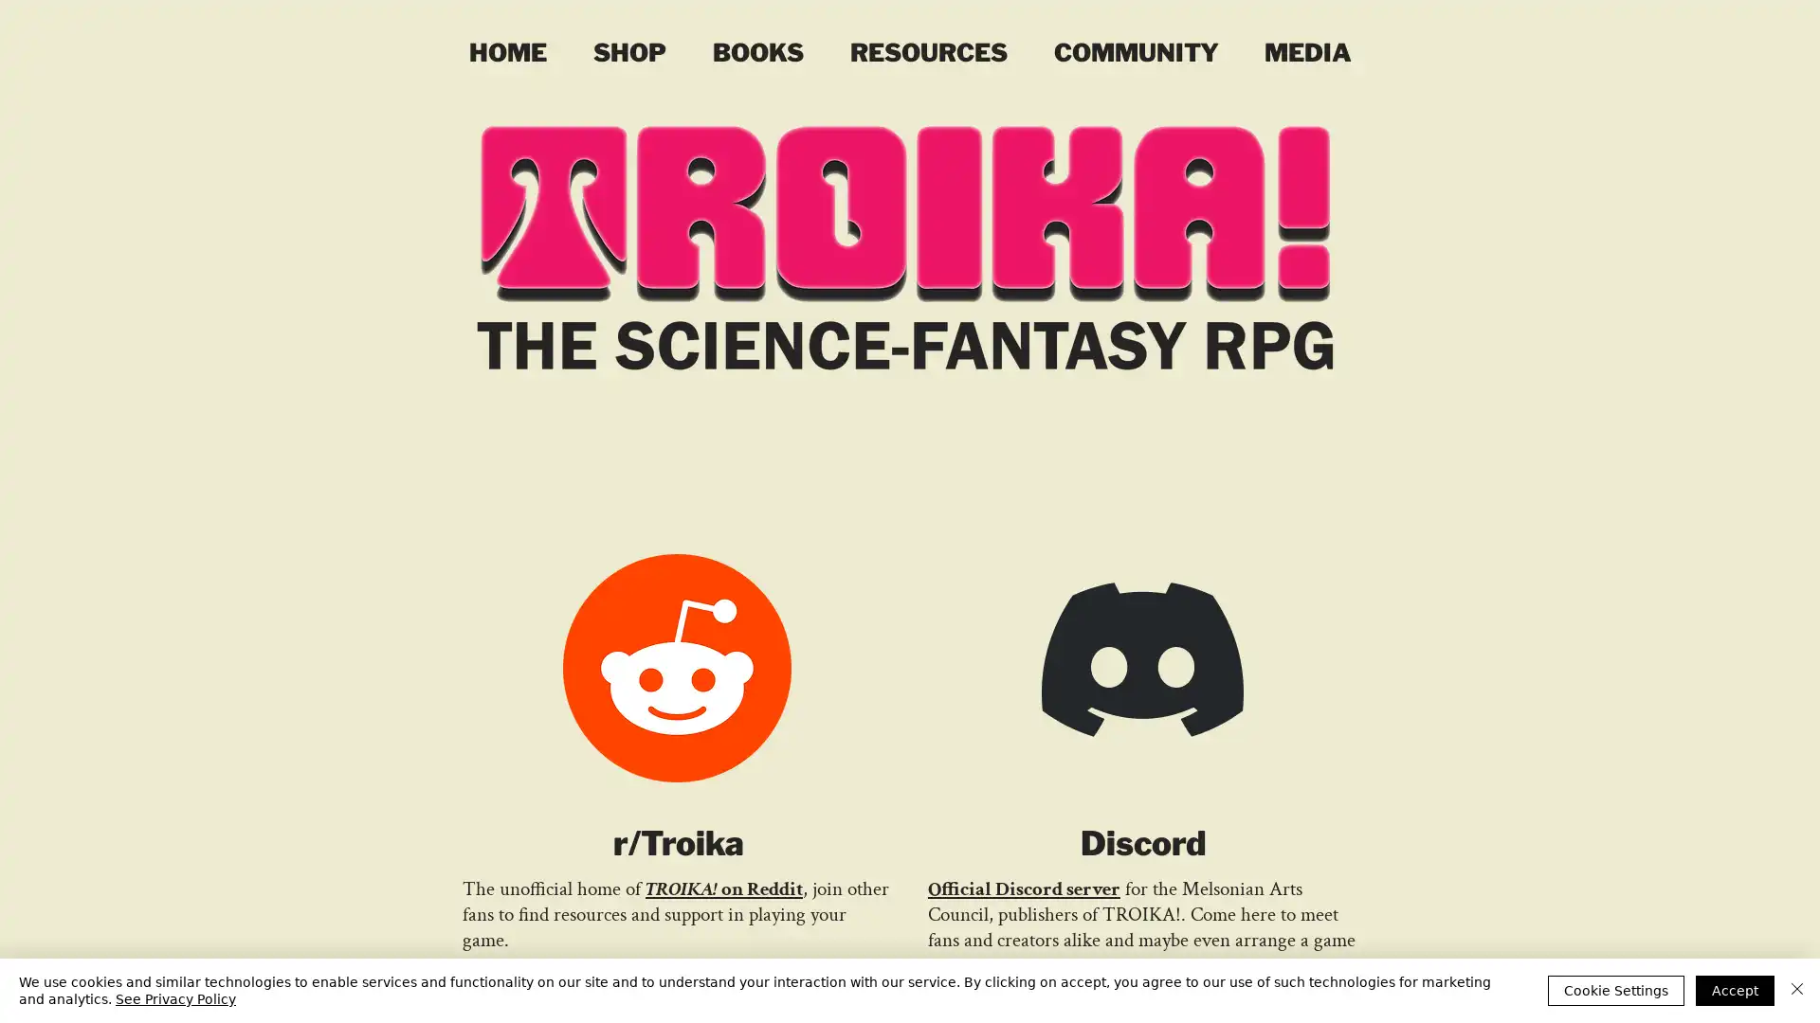 This screenshot has width=1820, height=1023. Describe the element at coordinates (1614, 989) in the screenshot. I see `Cookie Settings` at that location.